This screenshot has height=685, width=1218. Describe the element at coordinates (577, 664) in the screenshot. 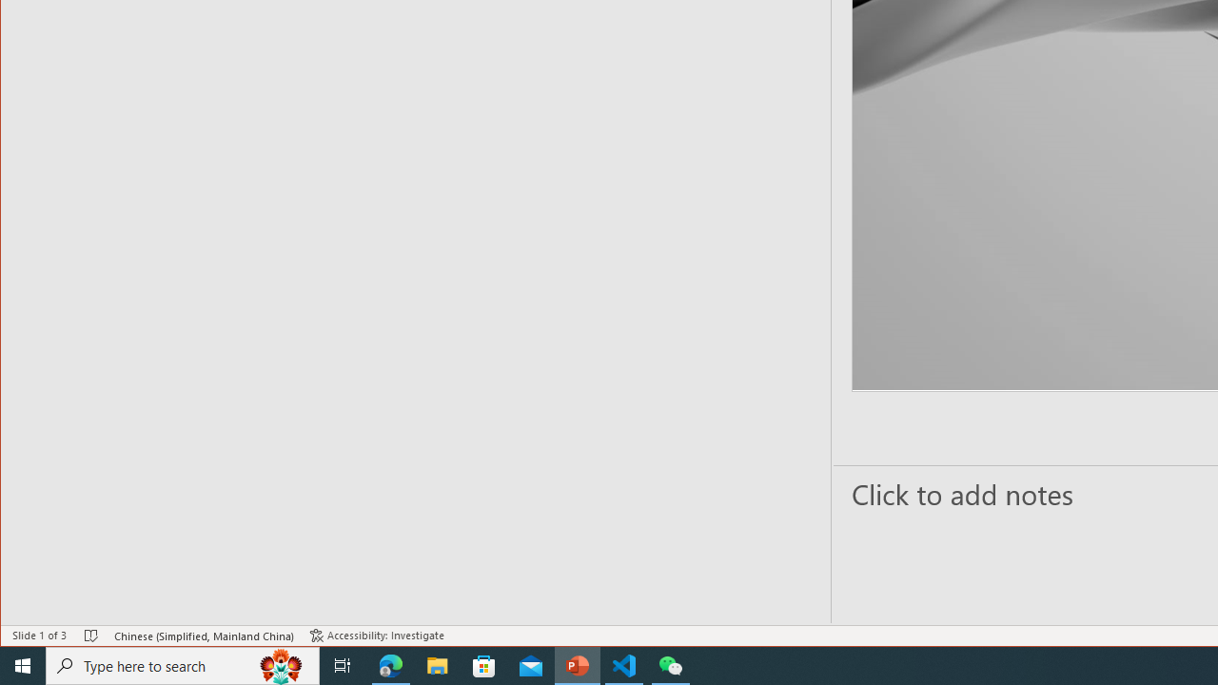

I see `'PowerPoint - 1 running window'` at that location.